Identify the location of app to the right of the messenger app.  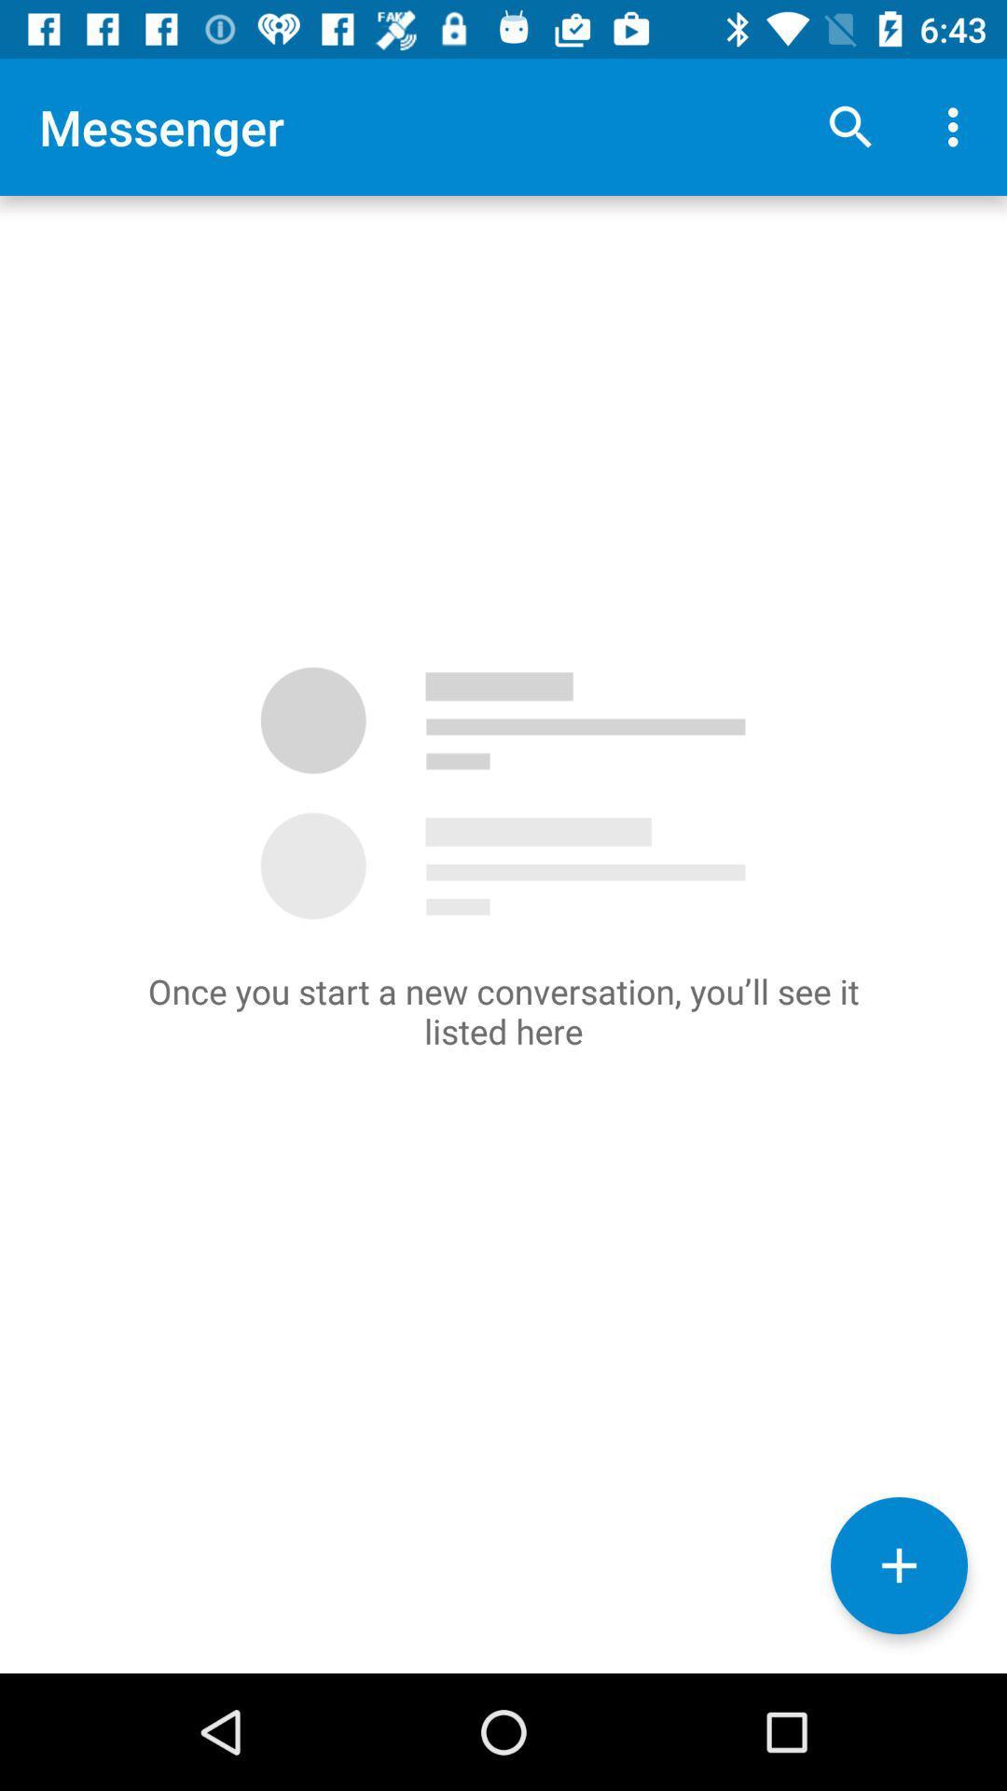
(849, 126).